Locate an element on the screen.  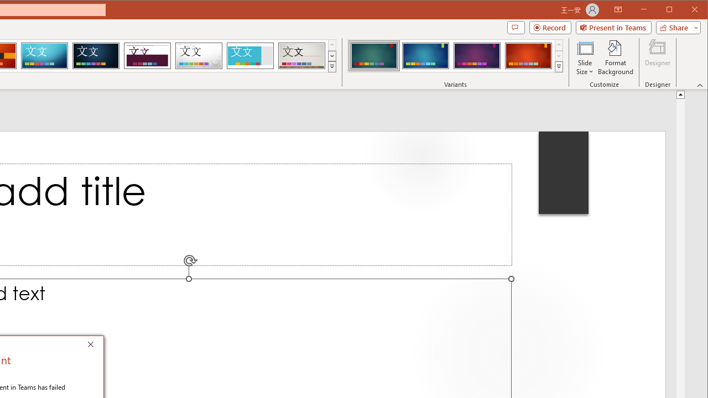
'Gallery' is located at coordinates (301, 55).